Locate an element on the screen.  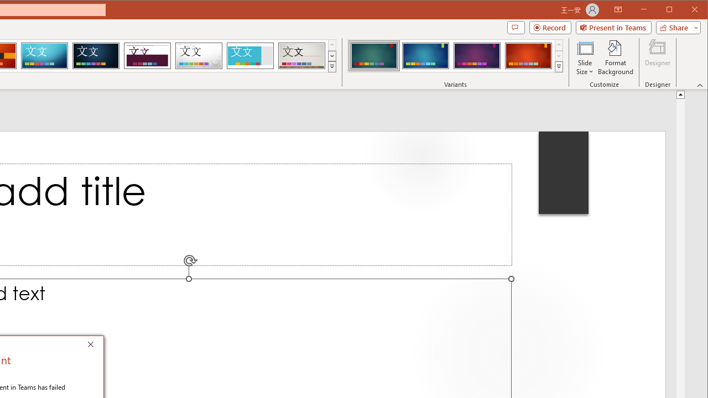
'Gallery' is located at coordinates (301, 55).